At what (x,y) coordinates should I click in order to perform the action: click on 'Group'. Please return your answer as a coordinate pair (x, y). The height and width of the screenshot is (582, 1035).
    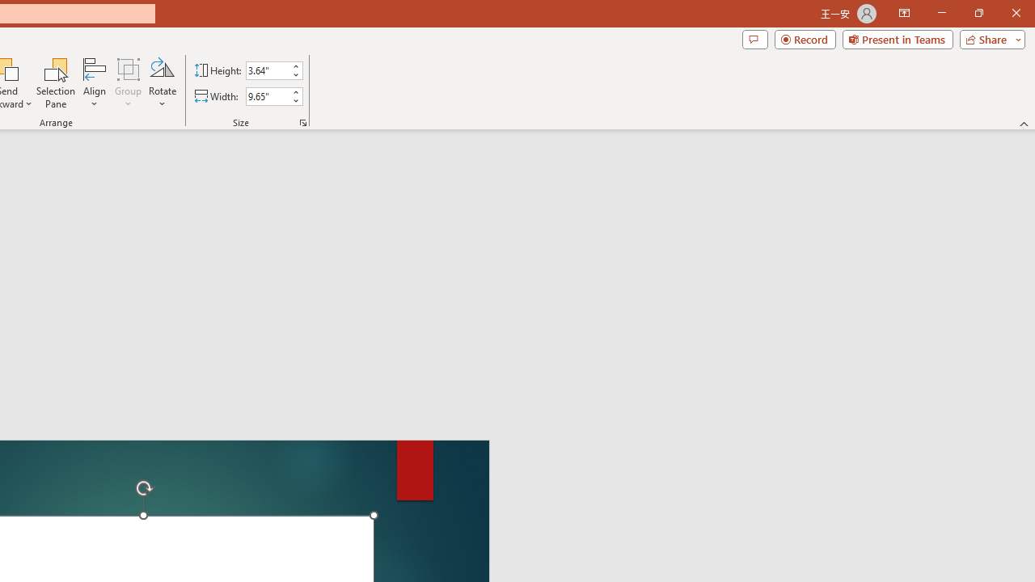
    Looking at the image, I should click on (128, 83).